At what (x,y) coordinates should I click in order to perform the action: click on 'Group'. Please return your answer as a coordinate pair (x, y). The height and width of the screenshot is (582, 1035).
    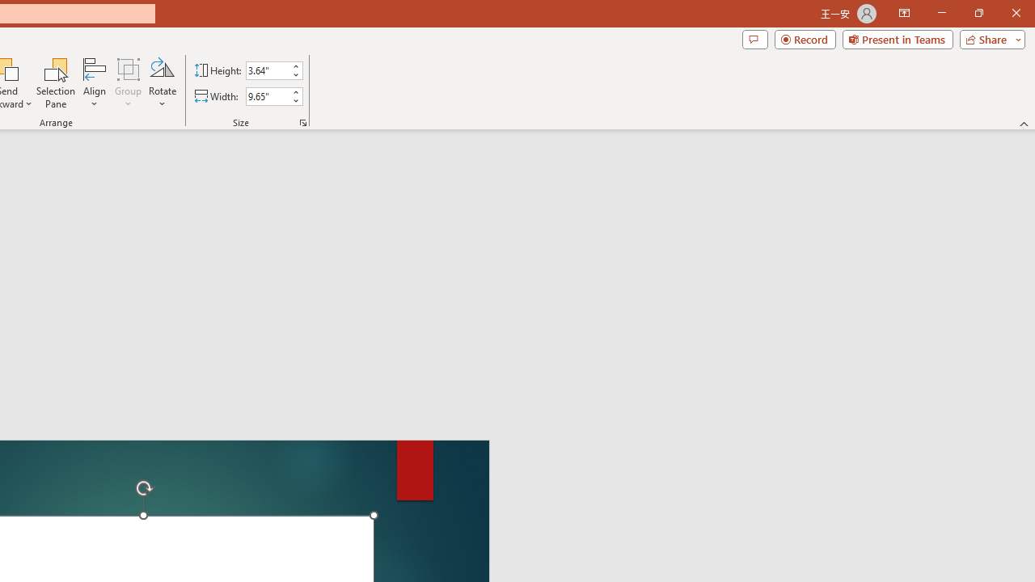
    Looking at the image, I should click on (128, 83).